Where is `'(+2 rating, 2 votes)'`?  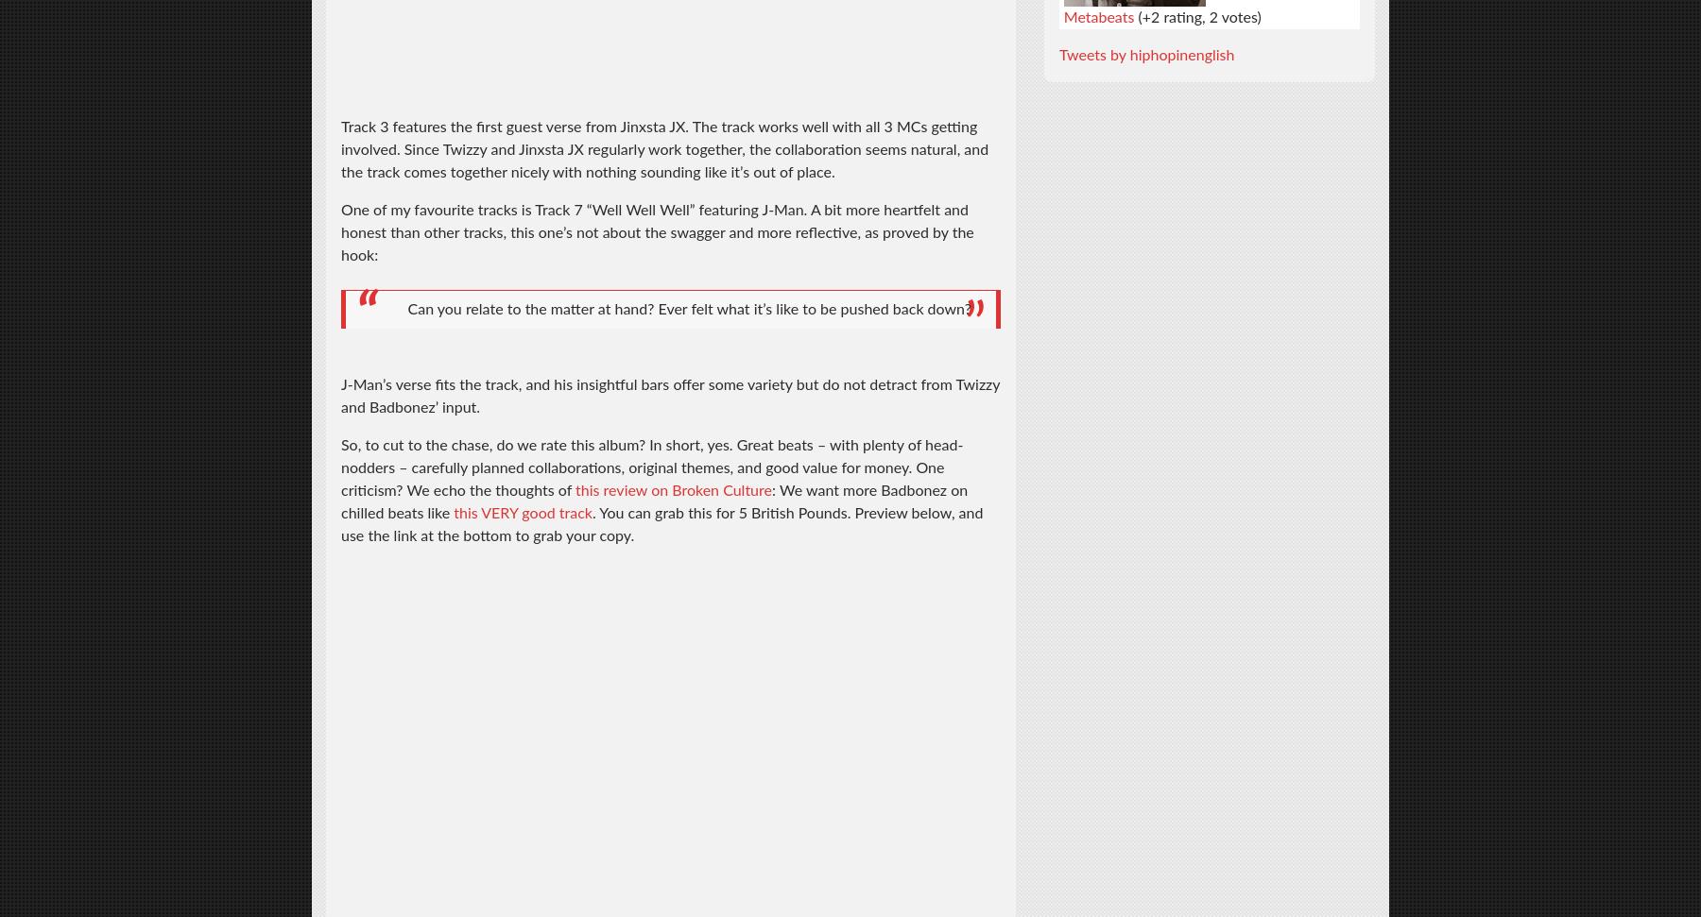 '(+2 rating, 2 votes)' is located at coordinates (1197, 16).